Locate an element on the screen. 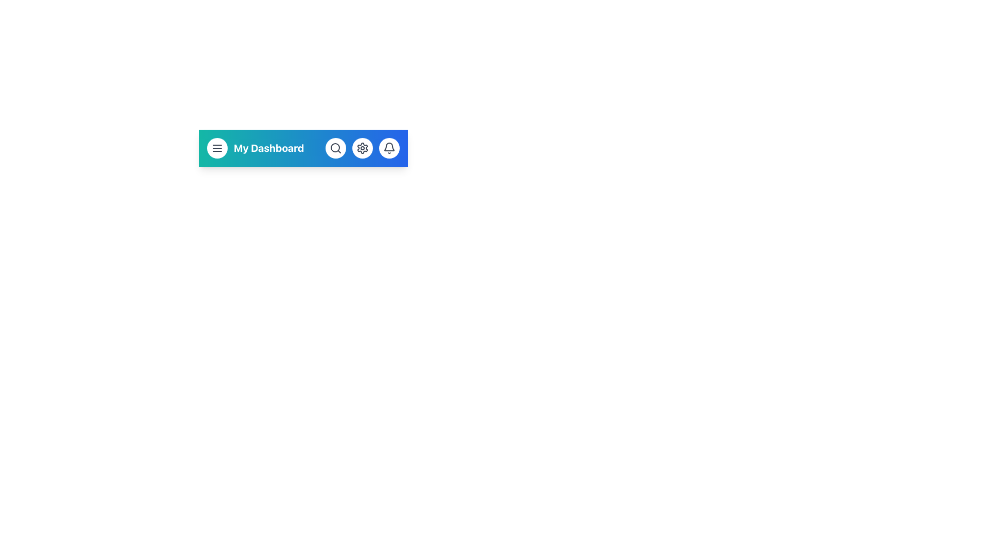 The width and height of the screenshot is (989, 556). the menu toggle icon located on the far left of the navigation bar is located at coordinates (217, 148).